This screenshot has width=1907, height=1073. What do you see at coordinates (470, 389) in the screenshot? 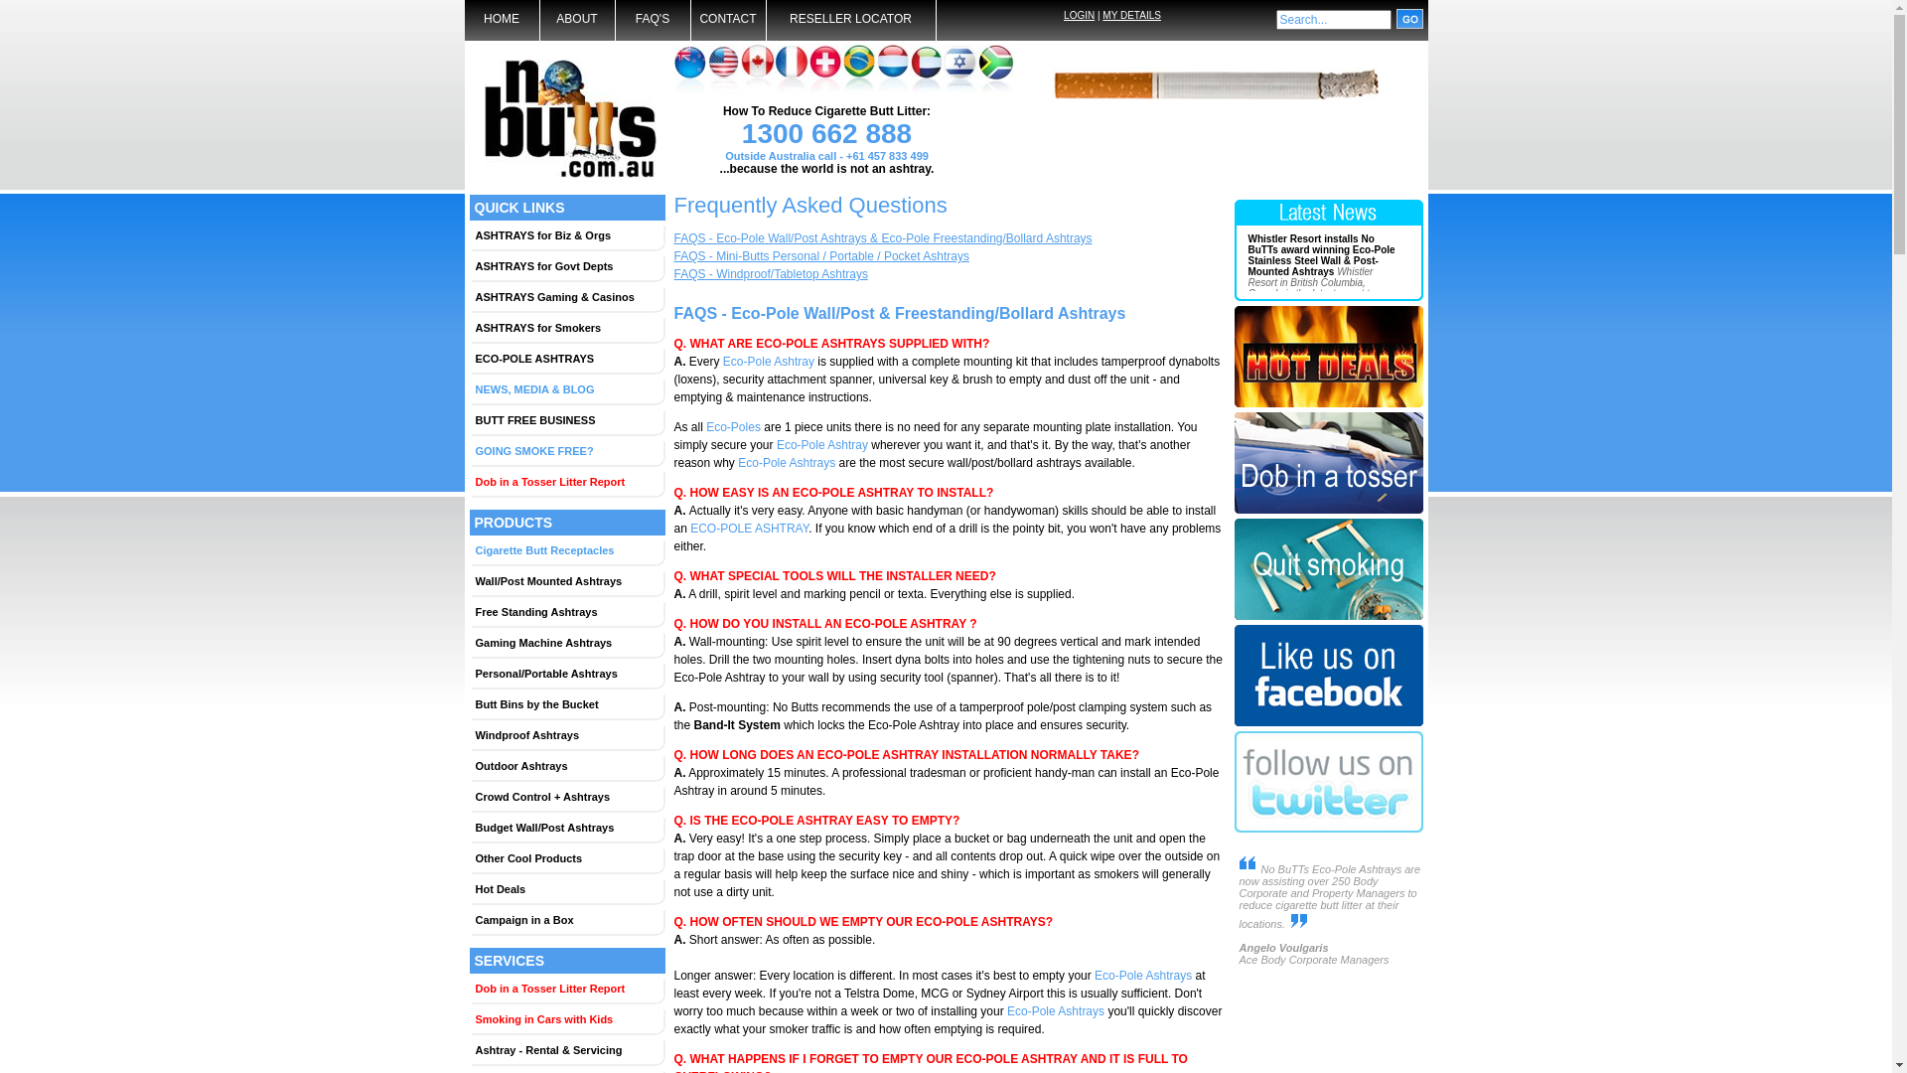
I see `'NEWS, MEDIA & BLOG'` at bounding box center [470, 389].